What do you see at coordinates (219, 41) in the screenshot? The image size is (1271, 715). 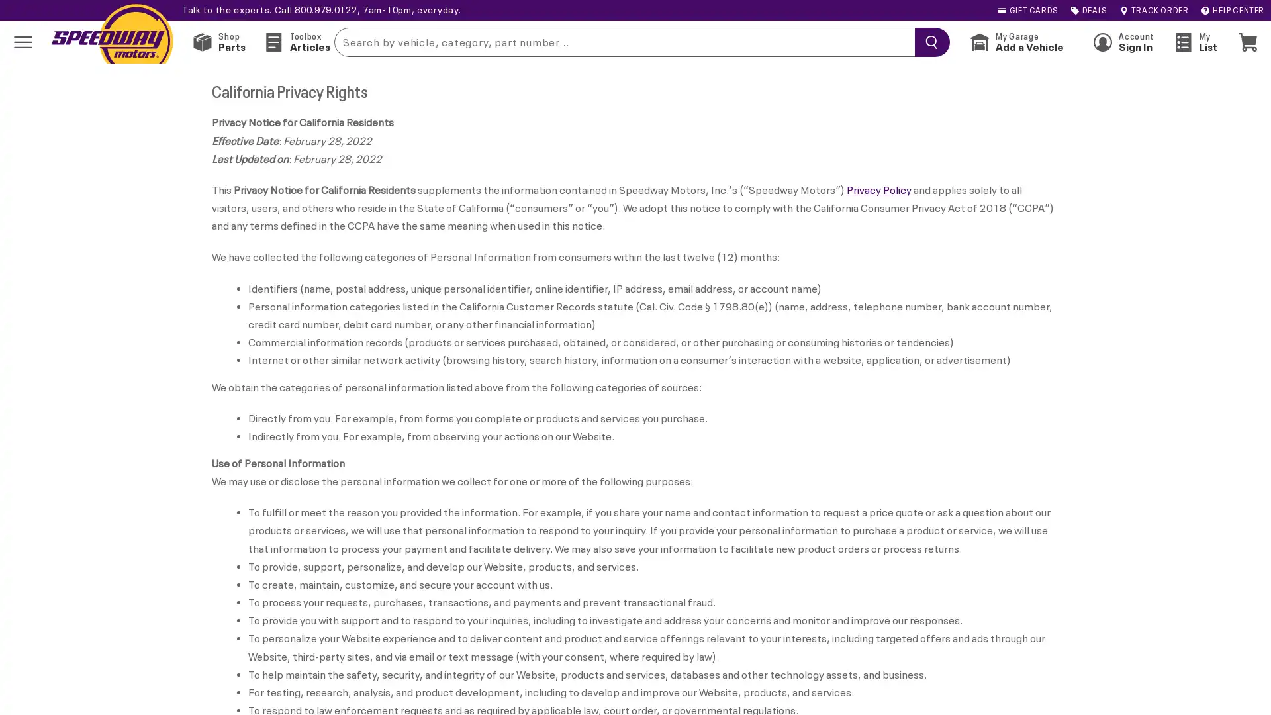 I see `Shop Parts` at bounding box center [219, 41].